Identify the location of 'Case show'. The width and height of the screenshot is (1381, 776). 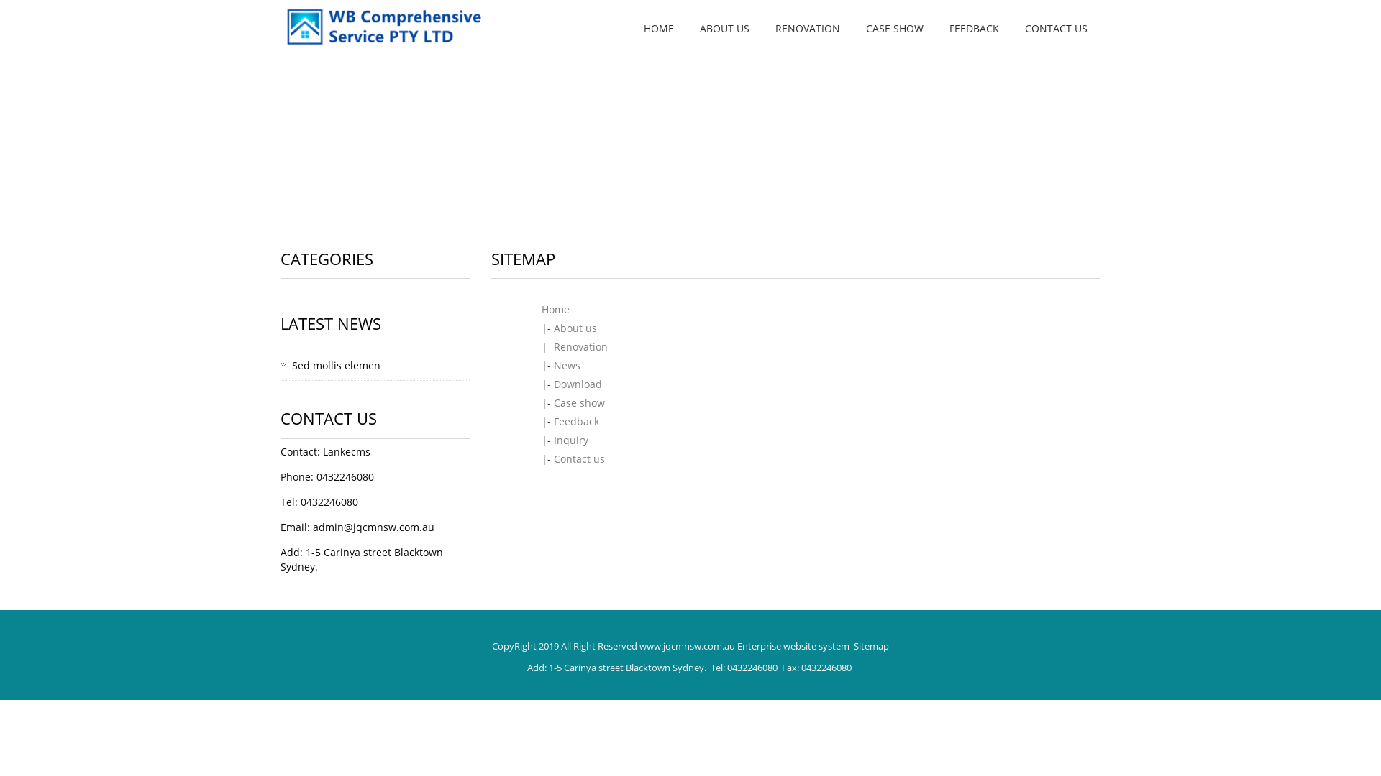
(579, 402).